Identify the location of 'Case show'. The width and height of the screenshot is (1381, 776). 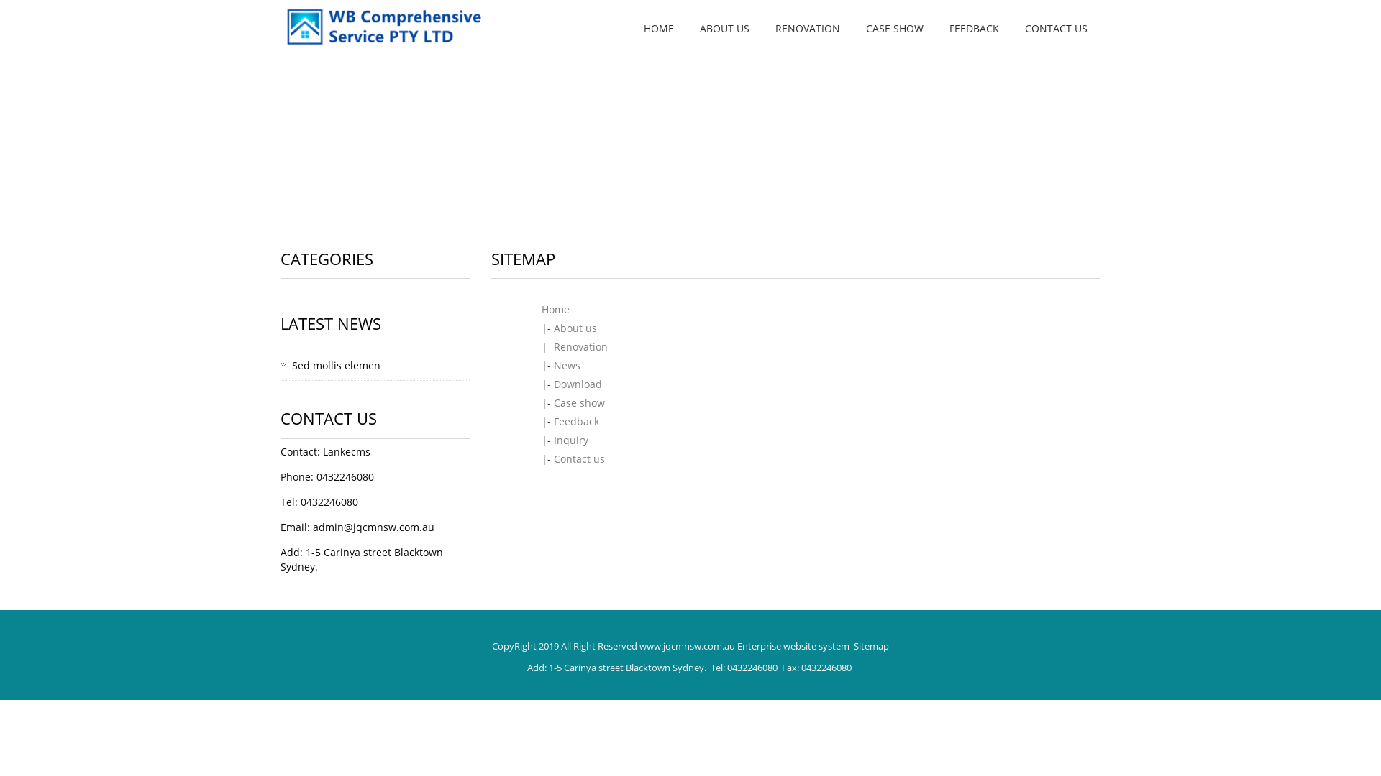
(579, 402).